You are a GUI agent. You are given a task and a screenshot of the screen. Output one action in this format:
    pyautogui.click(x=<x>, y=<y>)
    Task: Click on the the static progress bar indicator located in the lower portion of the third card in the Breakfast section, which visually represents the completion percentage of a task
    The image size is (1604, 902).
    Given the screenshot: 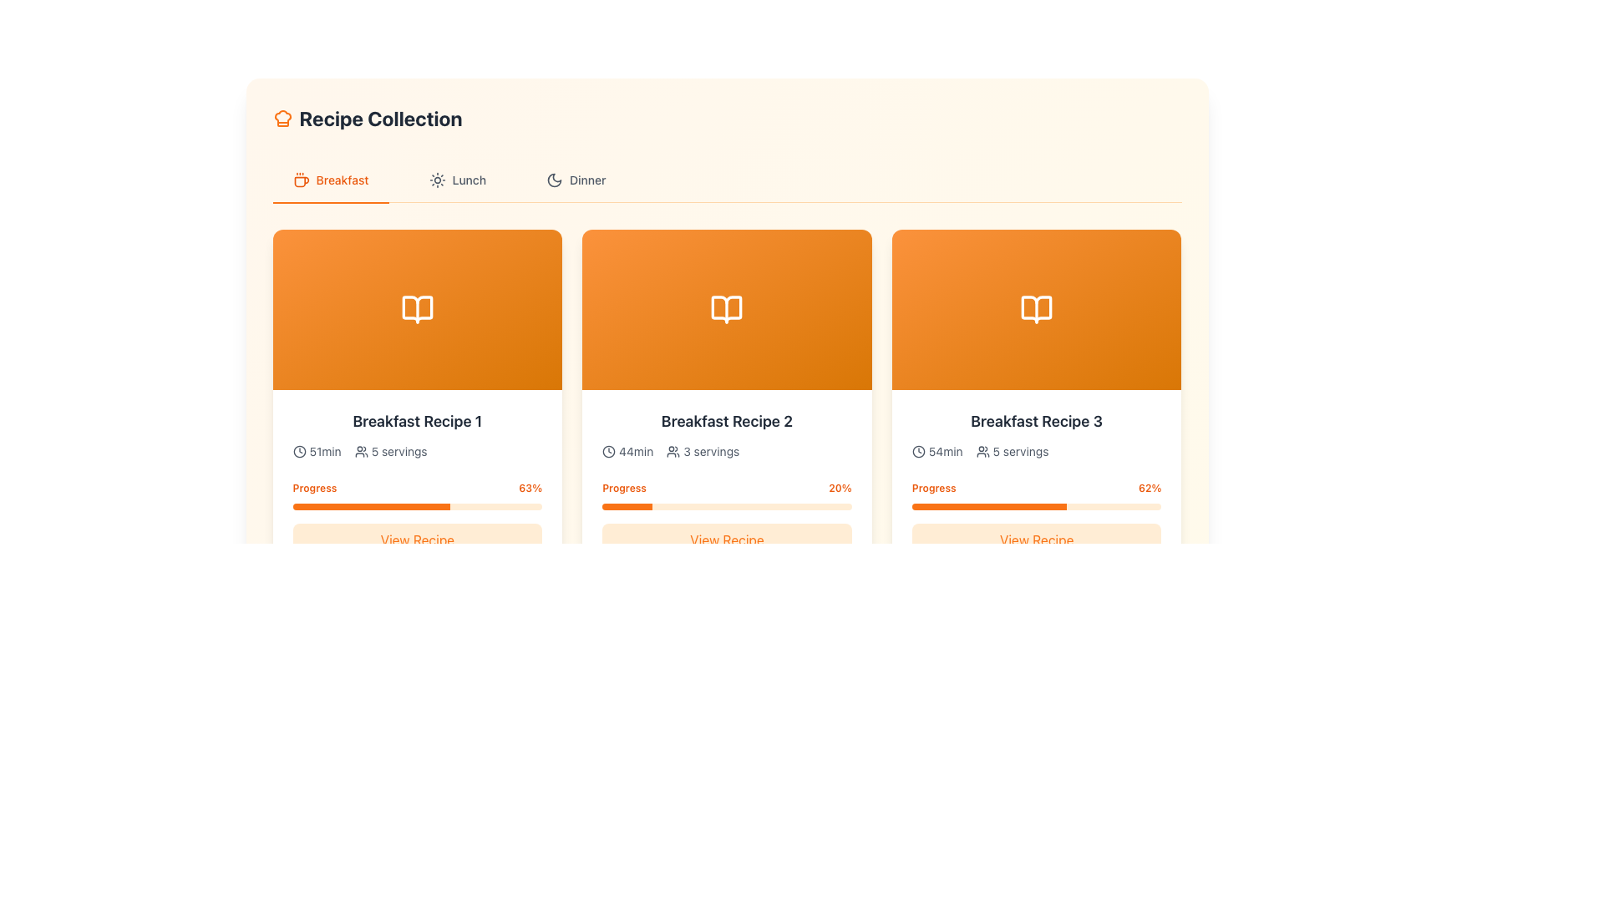 What is the action you would take?
    pyautogui.click(x=989, y=505)
    